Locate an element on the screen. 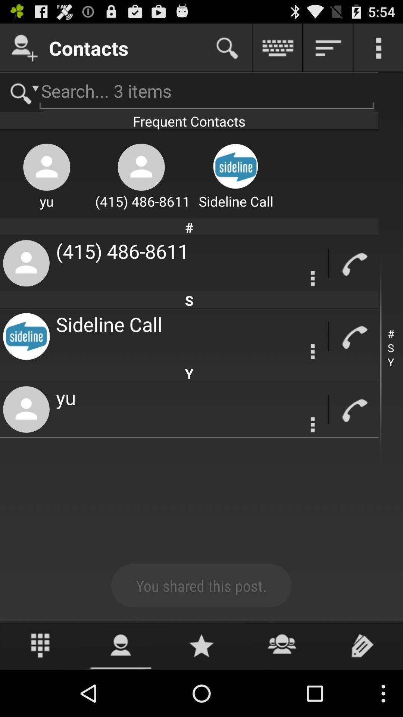 This screenshot has height=717, width=403. search items is located at coordinates (21, 92).